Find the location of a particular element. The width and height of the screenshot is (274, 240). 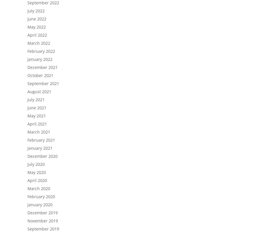

'June 2022' is located at coordinates (37, 18).